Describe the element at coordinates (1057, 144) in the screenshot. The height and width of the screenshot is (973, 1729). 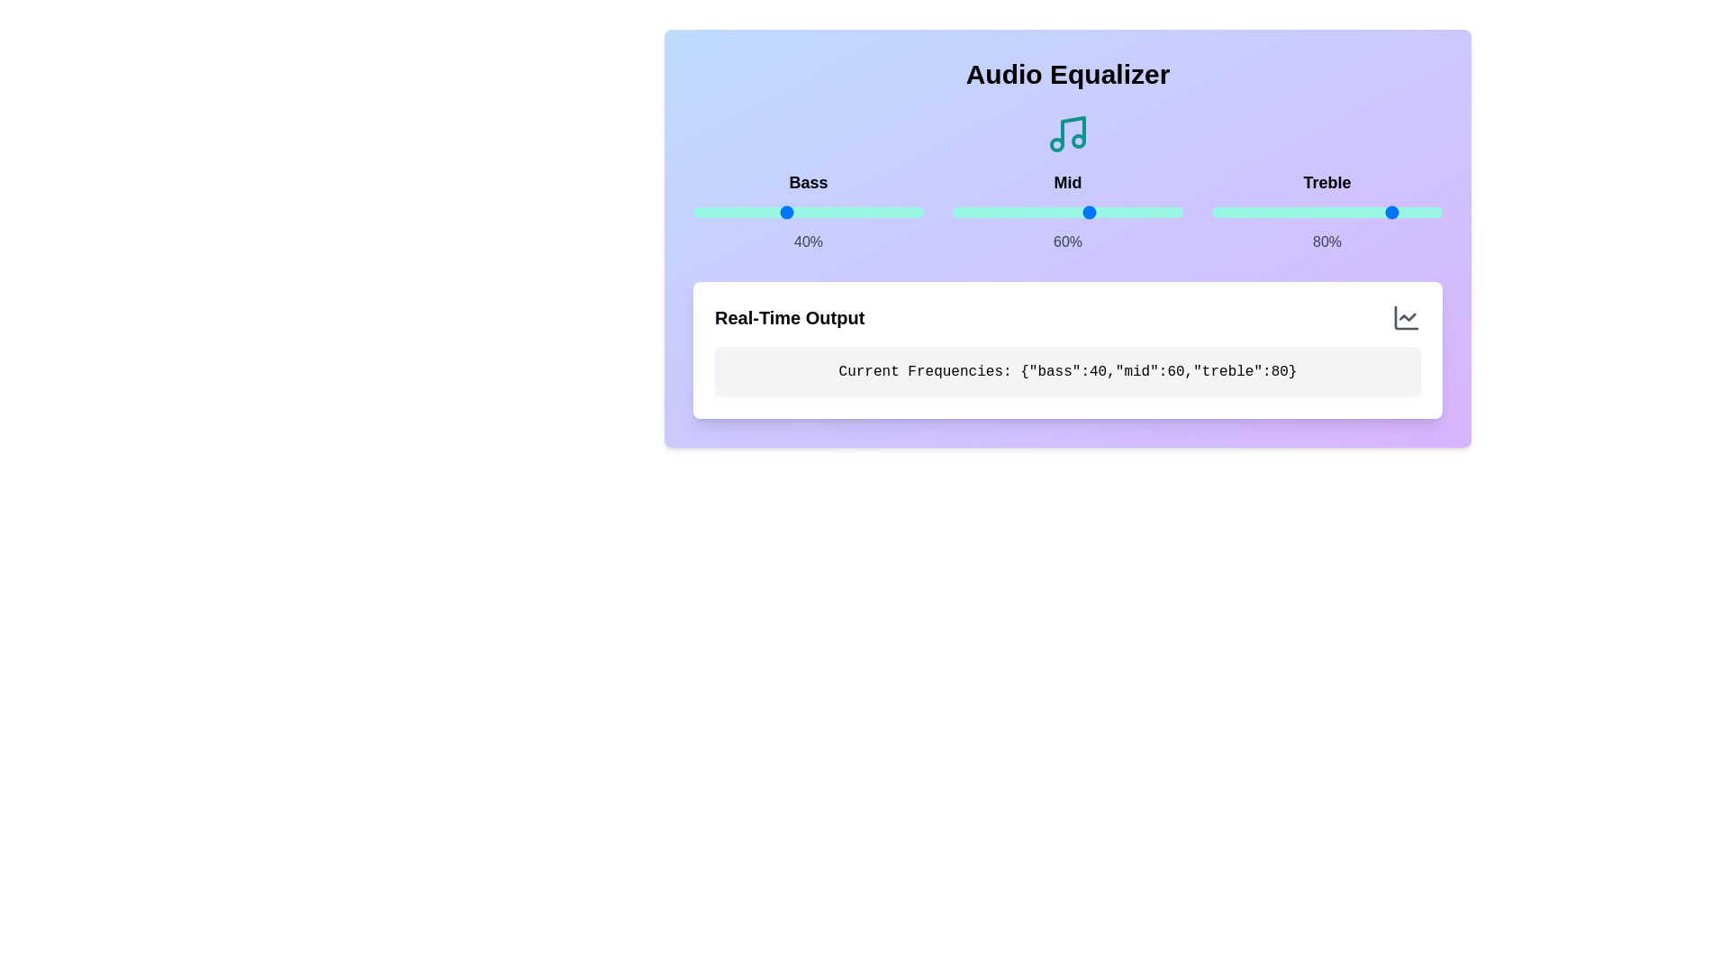
I see `the small teal circular dot in the music icon, located to the left of the musical note symbol, which is part of the Audio Equalizer section` at that location.